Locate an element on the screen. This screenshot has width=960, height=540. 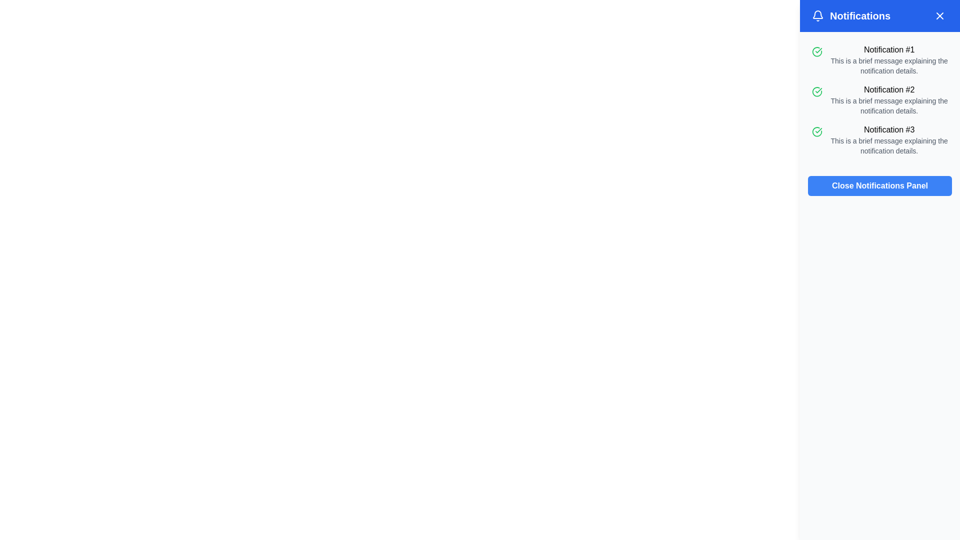
the closing button shaped like an 'X' on the blue header bar labeled 'Notifications' is located at coordinates (939, 15).